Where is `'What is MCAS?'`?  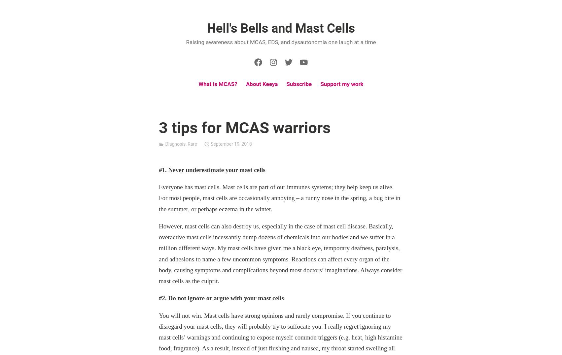 'What is MCAS?' is located at coordinates (218, 84).